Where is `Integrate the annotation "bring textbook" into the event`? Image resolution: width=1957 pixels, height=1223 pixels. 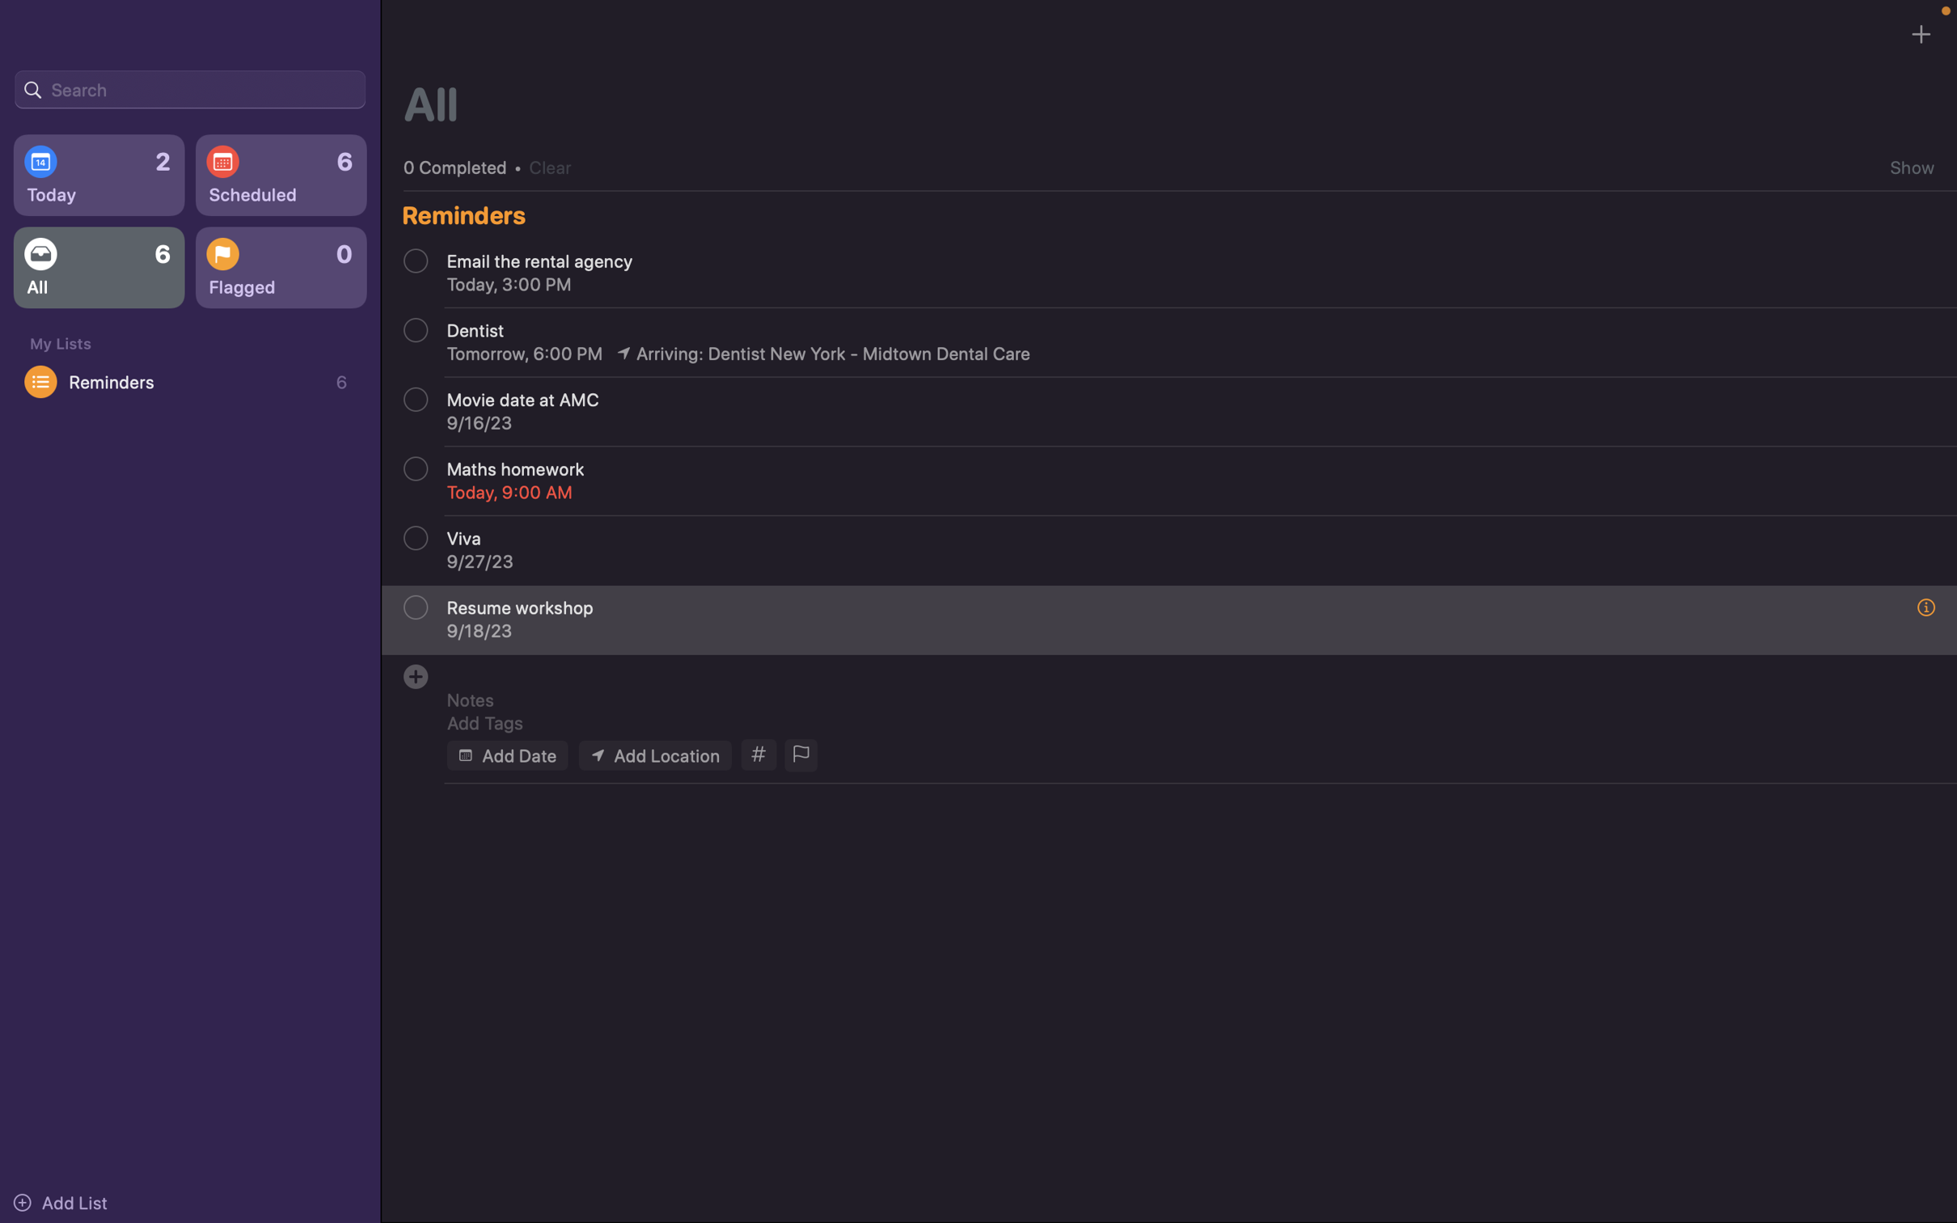
Integrate the annotation "bring textbook" into the event is located at coordinates (1178, 699).